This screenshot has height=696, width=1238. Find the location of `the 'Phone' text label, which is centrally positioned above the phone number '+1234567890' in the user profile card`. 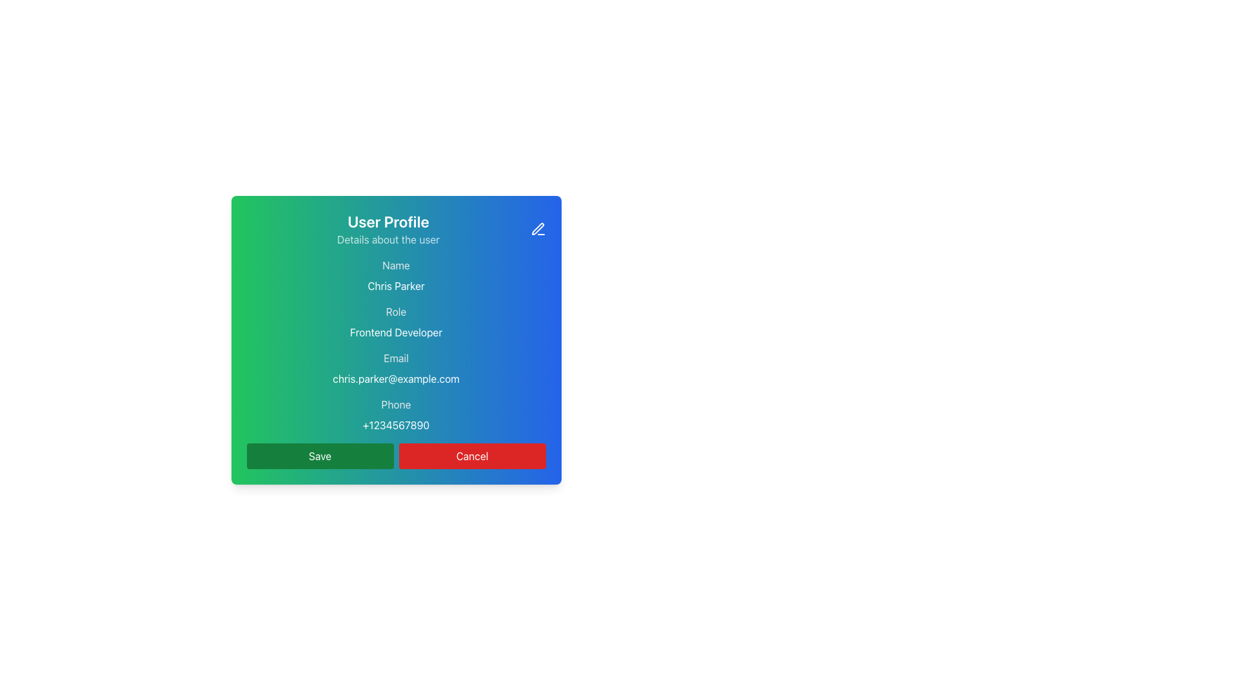

the 'Phone' text label, which is centrally positioned above the phone number '+1234567890' in the user profile card is located at coordinates (395, 404).